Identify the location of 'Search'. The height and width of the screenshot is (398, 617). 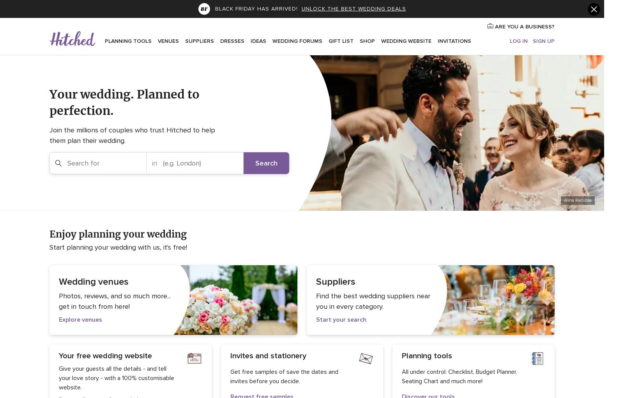
(266, 163).